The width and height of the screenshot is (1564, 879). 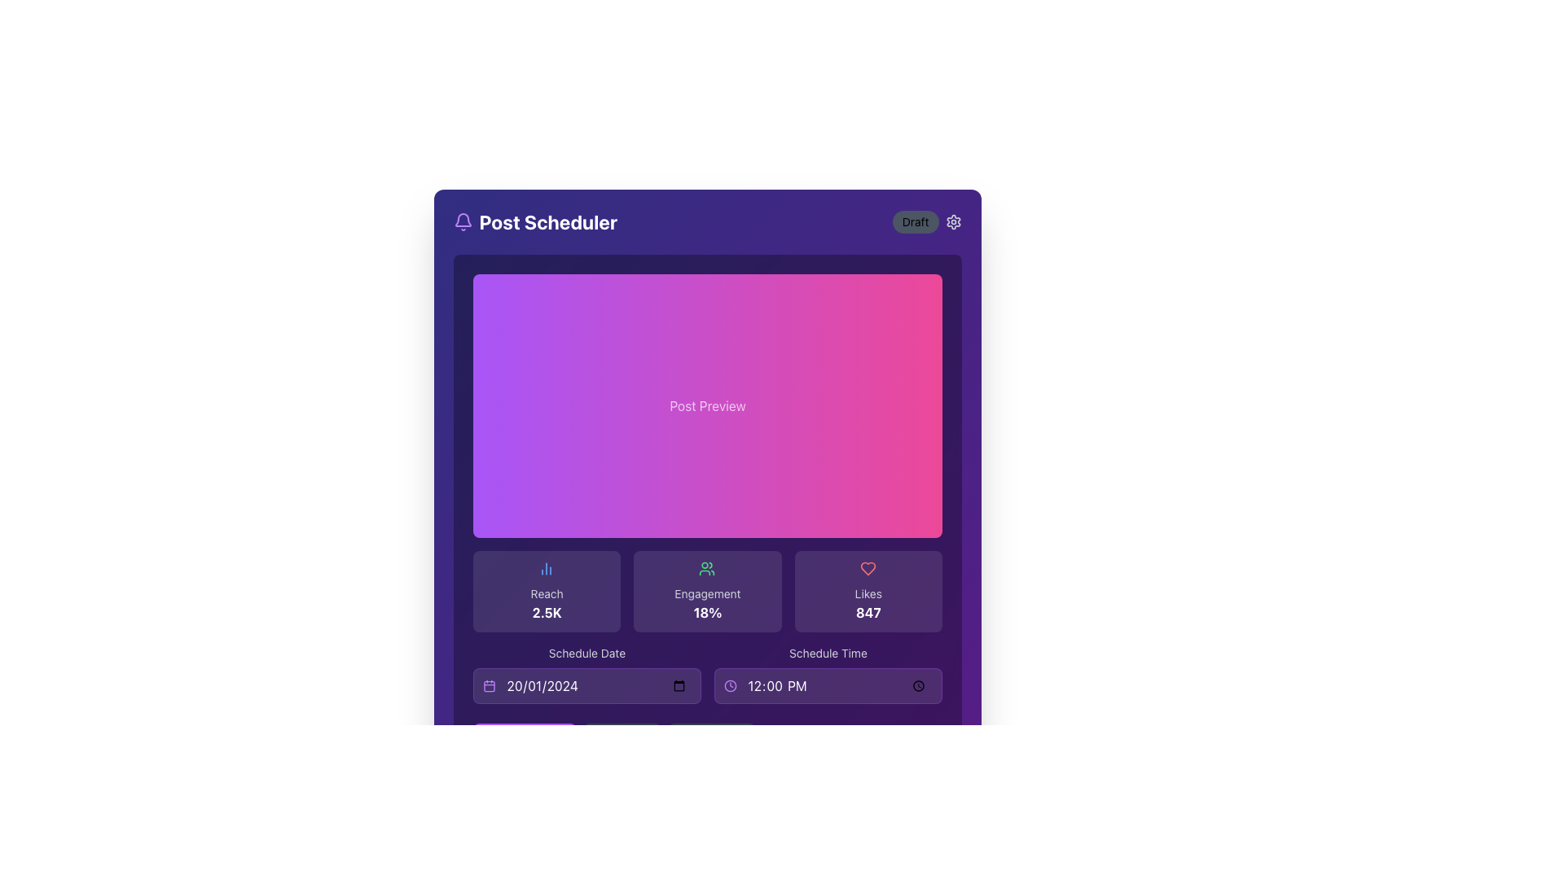 What do you see at coordinates (462, 220) in the screenshot?
I see `the purple bell icon representing notifications located next to the 'Post Scheduler' title in the header segment` at bounding box center [462, 220].